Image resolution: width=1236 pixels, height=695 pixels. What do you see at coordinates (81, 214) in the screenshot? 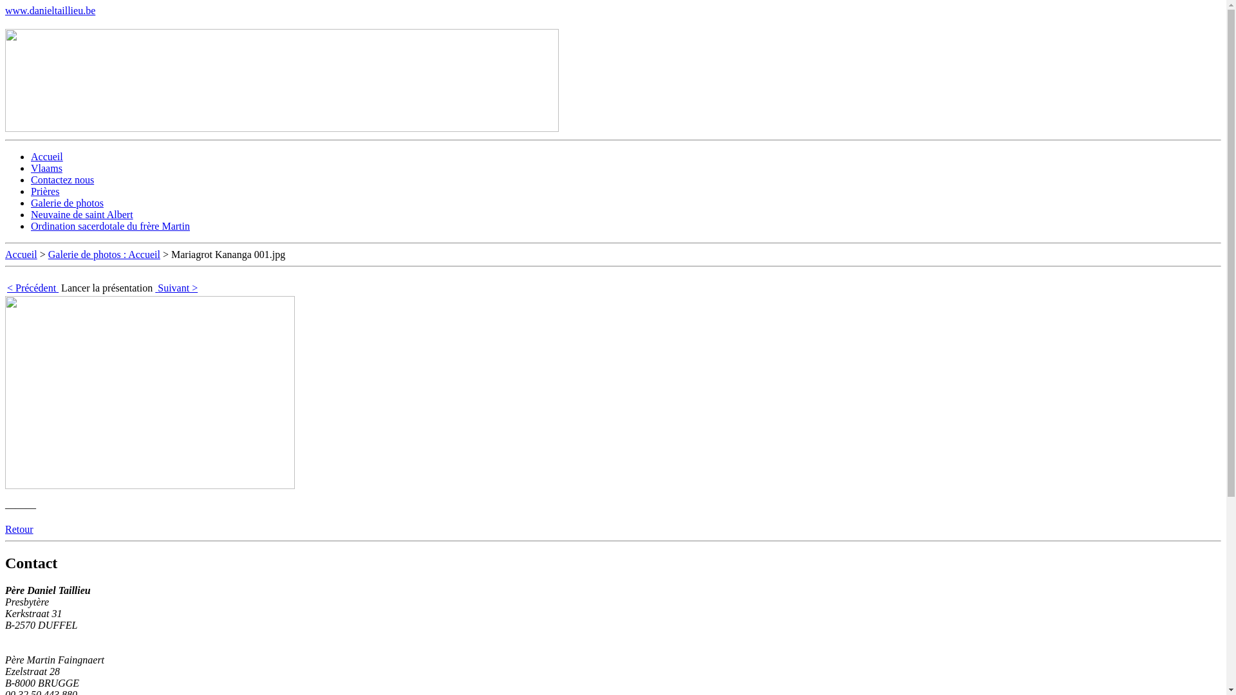
I see `'Neuvaine de saint Albert'` at bounding box center [81, 214].